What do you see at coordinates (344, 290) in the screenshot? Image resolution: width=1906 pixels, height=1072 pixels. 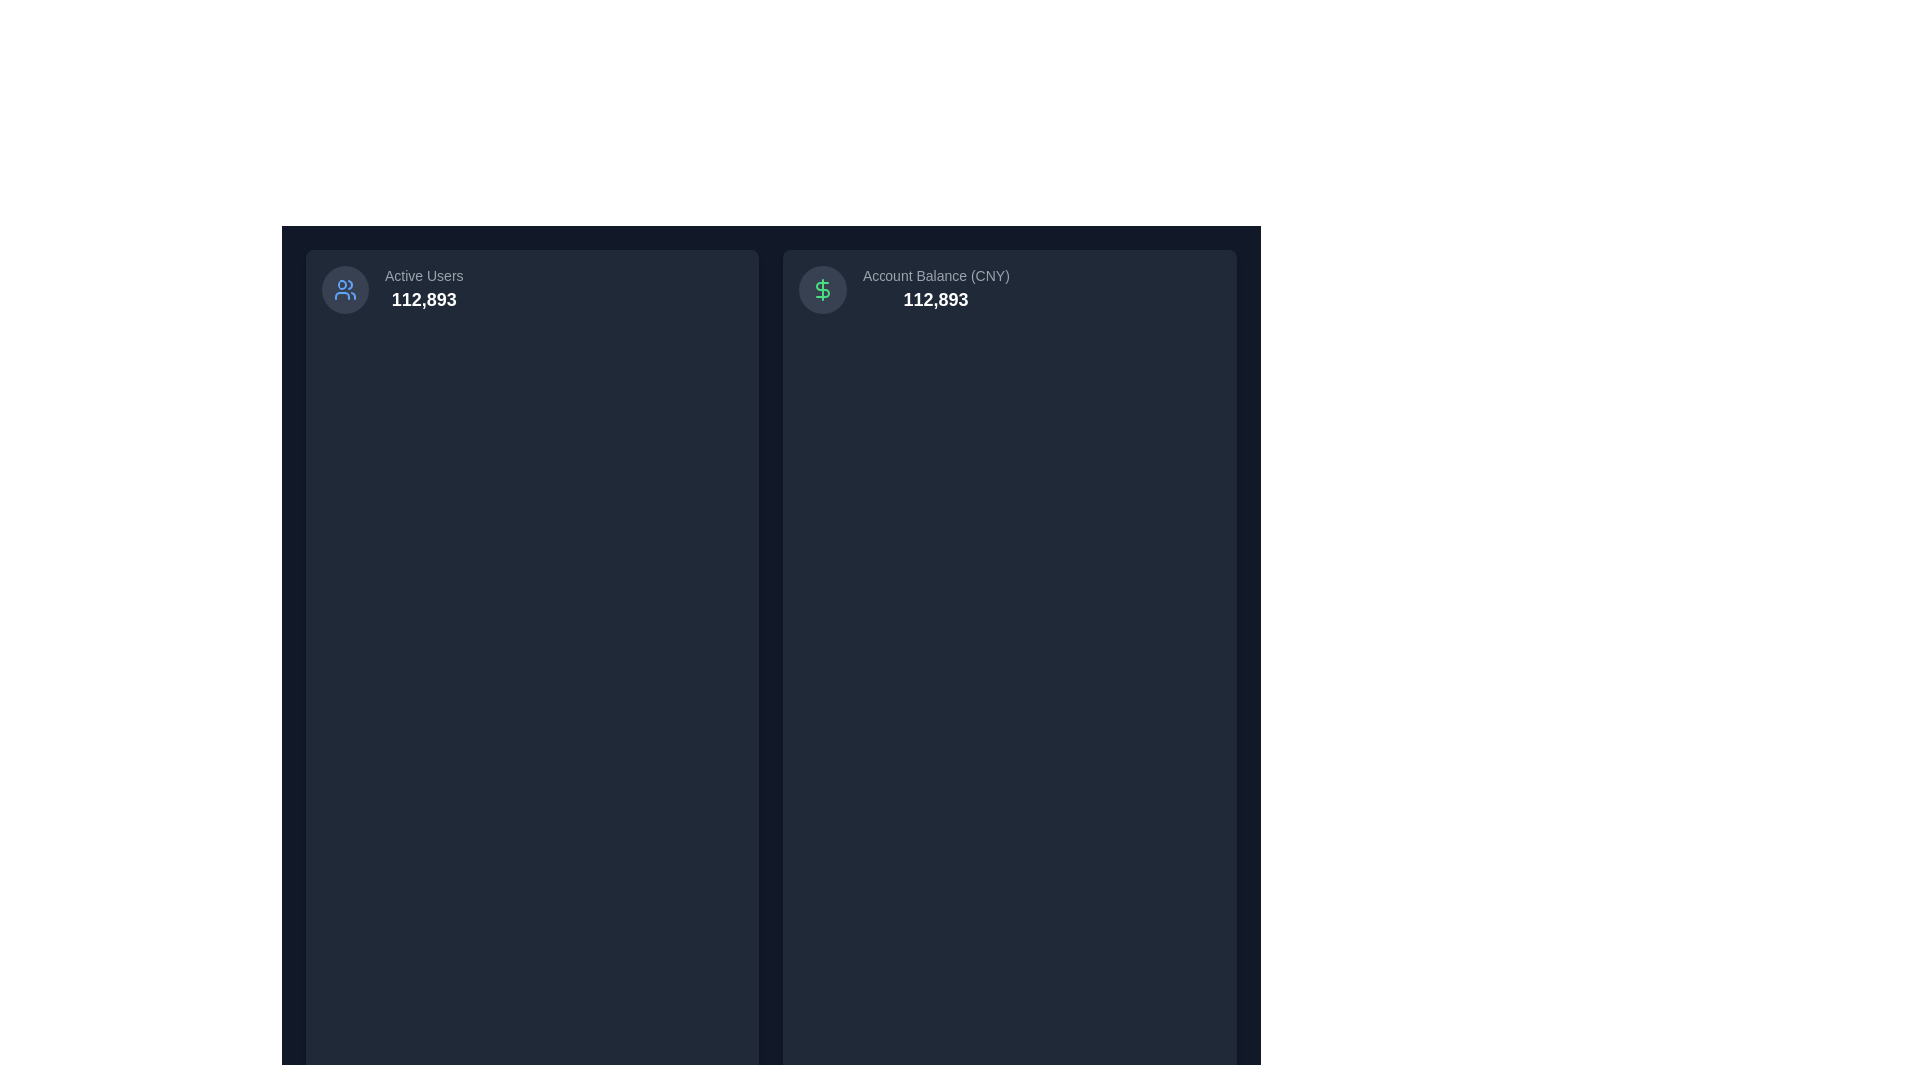 I see `the circular icon with a dark gray background and blue outline of two user figures, located at the top-left corner of the card about active users` at bounding box center [344, 290].